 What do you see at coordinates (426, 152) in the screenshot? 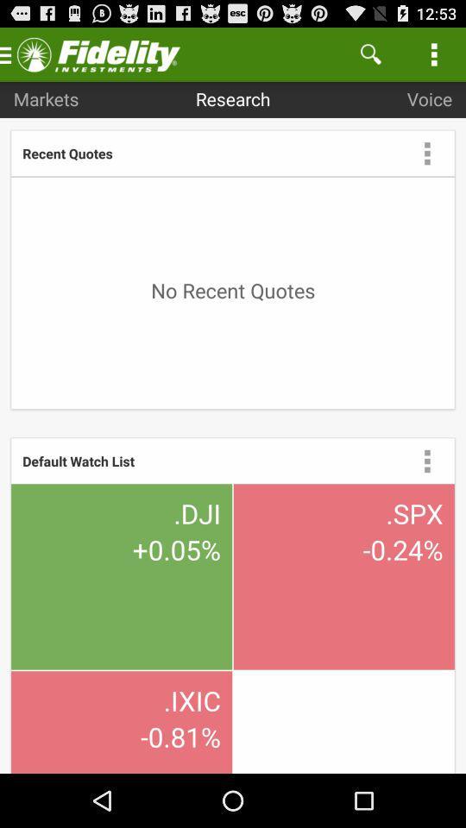
I see `menu drop box` at bounding box center [426, 152].